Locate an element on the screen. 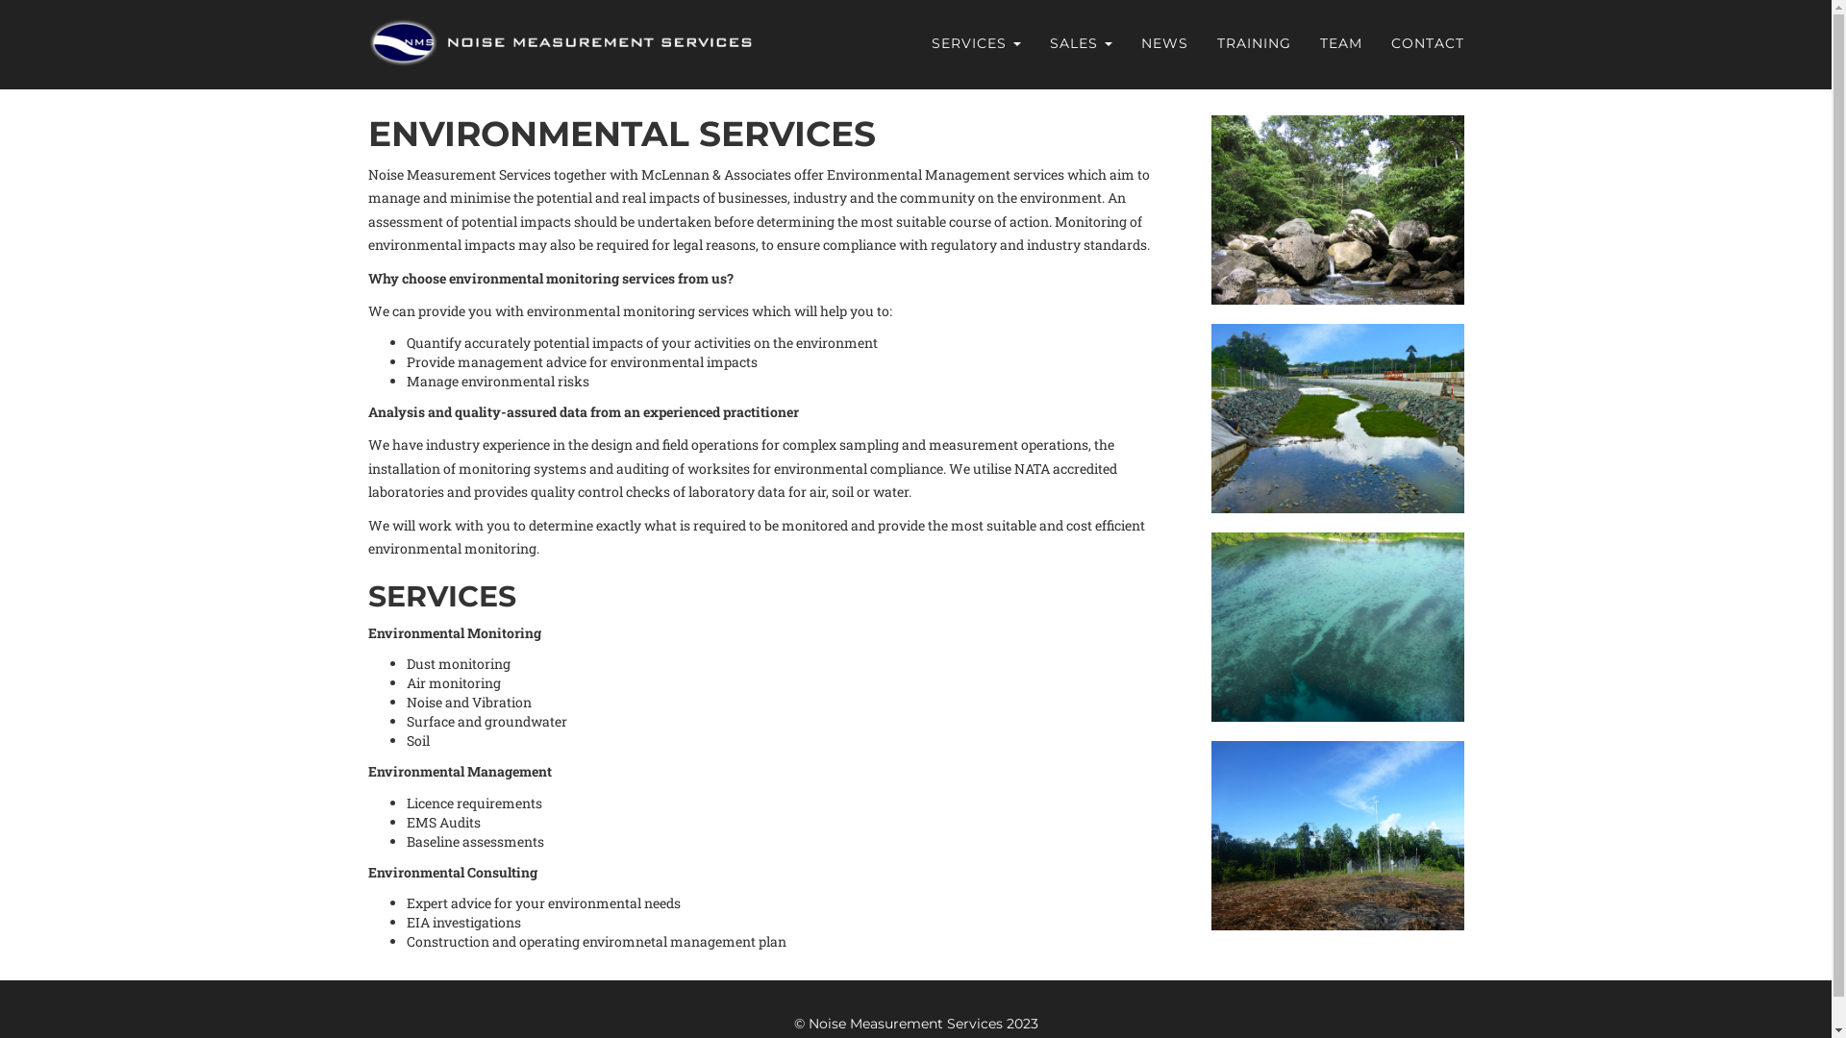 The width and height of the screenshot is (1846, 1038). 'SERVICES' is located at coordinates (976, 43).